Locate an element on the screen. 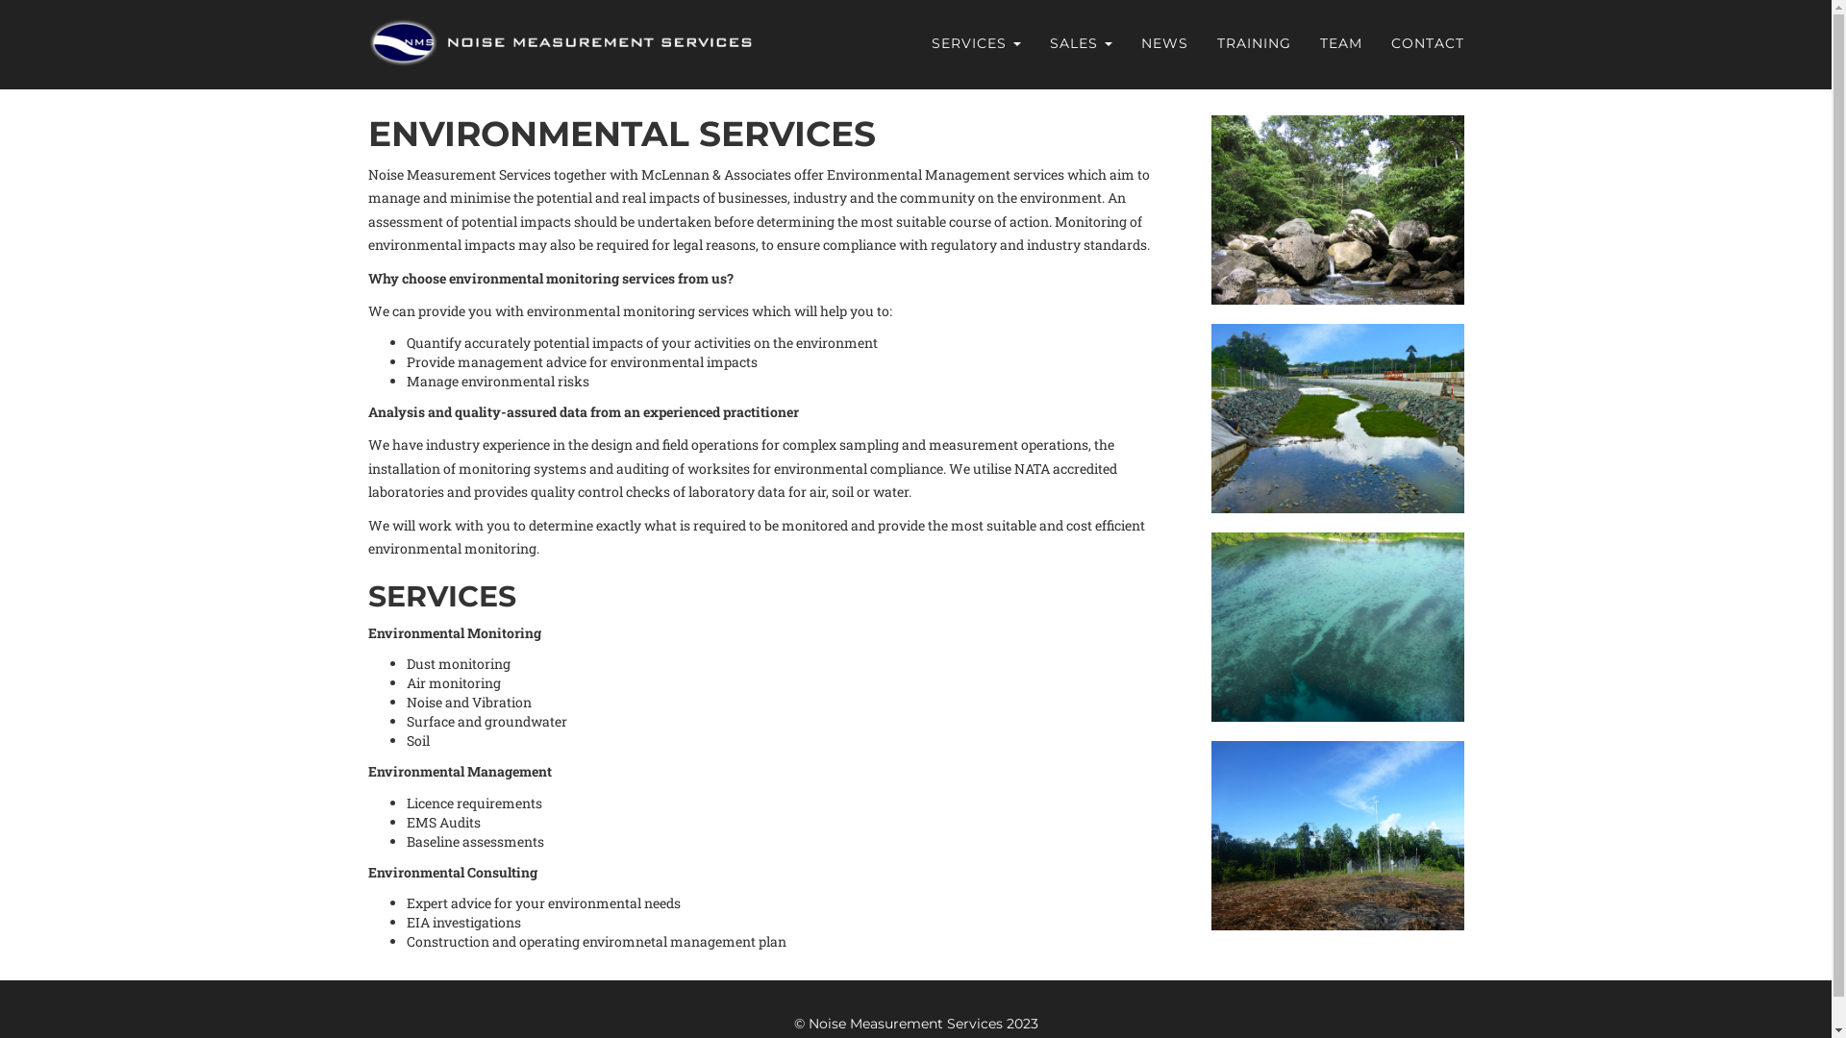 The width and height of the screenshot is (1846, 1038). 'SERVICES' is located at coordinates (976, 43).